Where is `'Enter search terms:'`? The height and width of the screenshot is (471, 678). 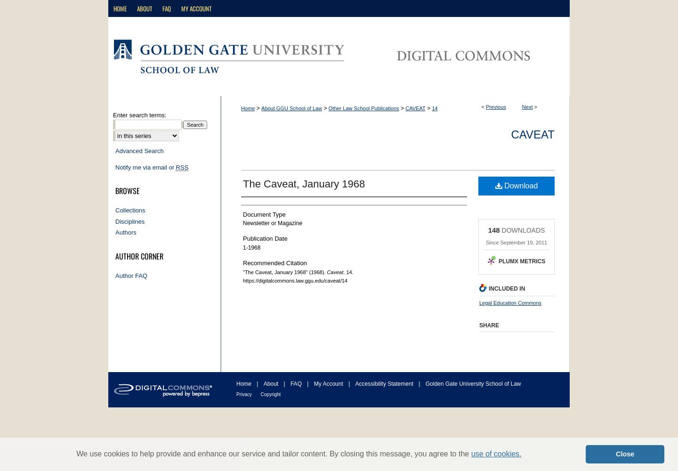
'Enter search terms:' is located at coordinates (139, 114).